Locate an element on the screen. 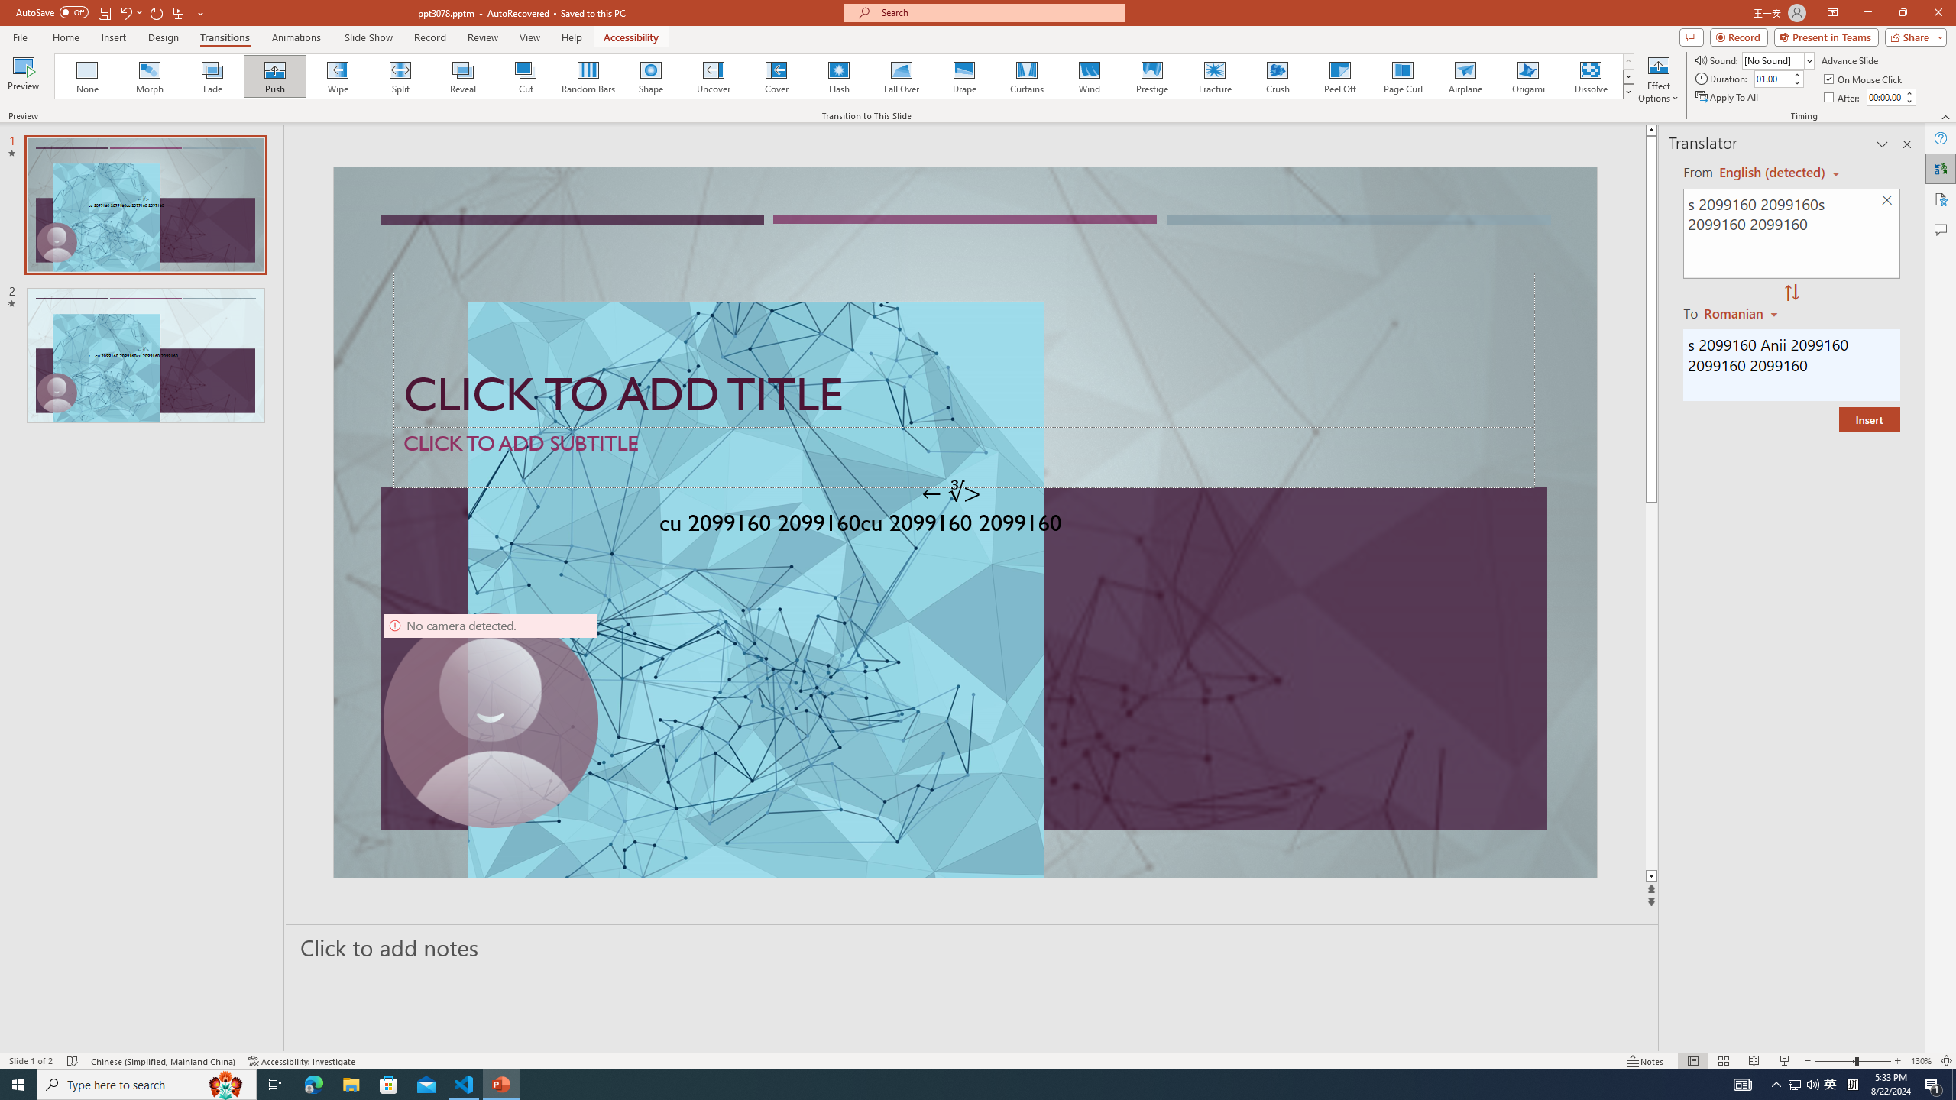 Image resolution: width=1956 pixels, height=1100 pixels. 'After' is located at coordinates (1884, 96).